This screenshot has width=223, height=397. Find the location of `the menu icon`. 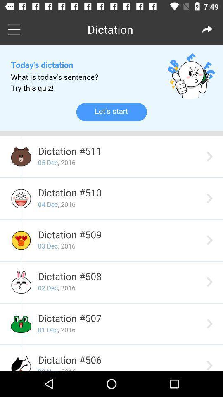

the menu icon is located at coordinates (14, 29).